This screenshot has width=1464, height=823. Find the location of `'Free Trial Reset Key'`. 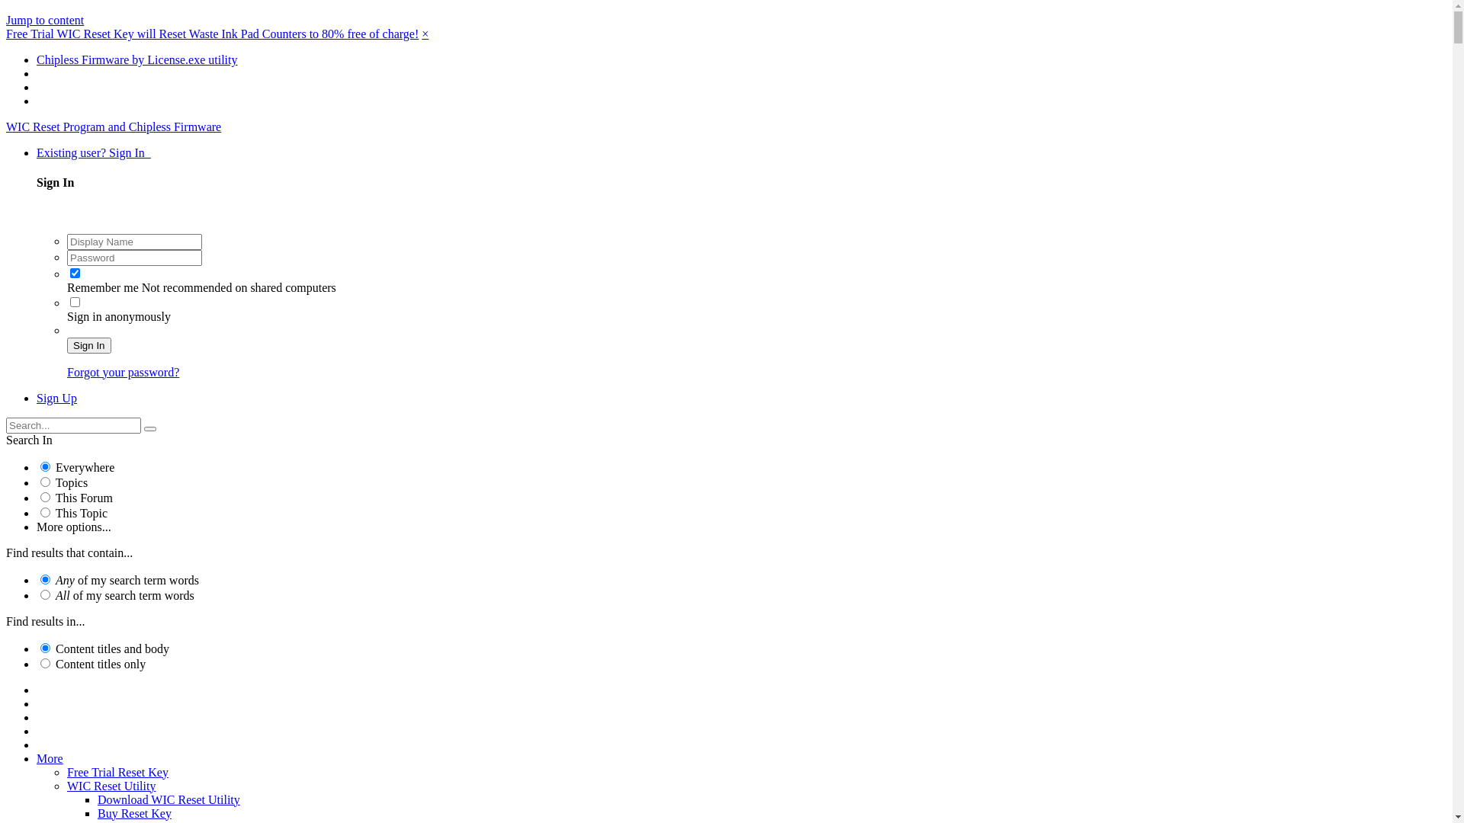

'Free Trial Reset Key' is located at coordinates (117, 772).